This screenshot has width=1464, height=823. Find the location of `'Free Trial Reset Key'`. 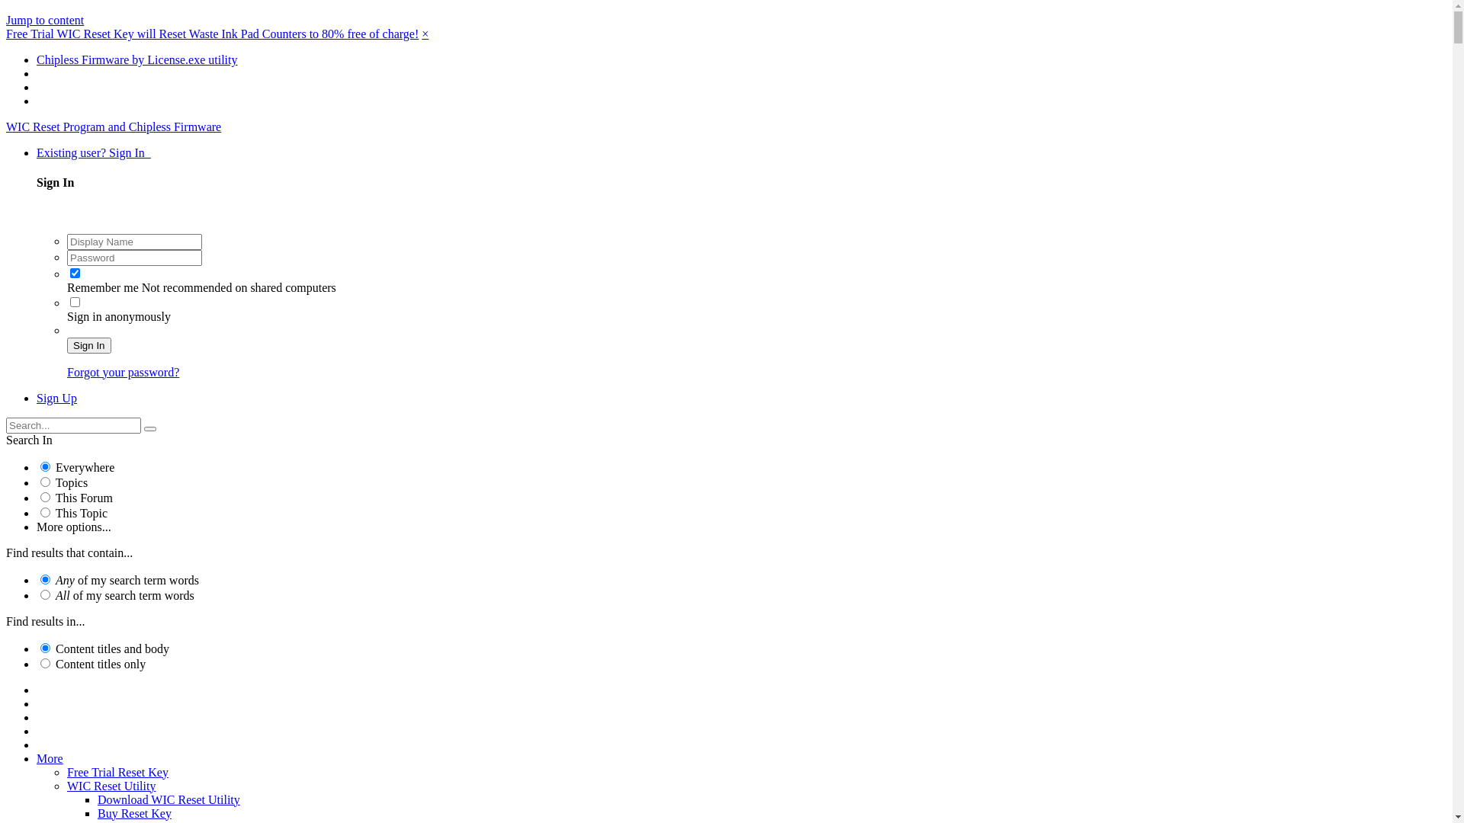

'Free Trial Reset Key' is located at coordinates (117, 772).